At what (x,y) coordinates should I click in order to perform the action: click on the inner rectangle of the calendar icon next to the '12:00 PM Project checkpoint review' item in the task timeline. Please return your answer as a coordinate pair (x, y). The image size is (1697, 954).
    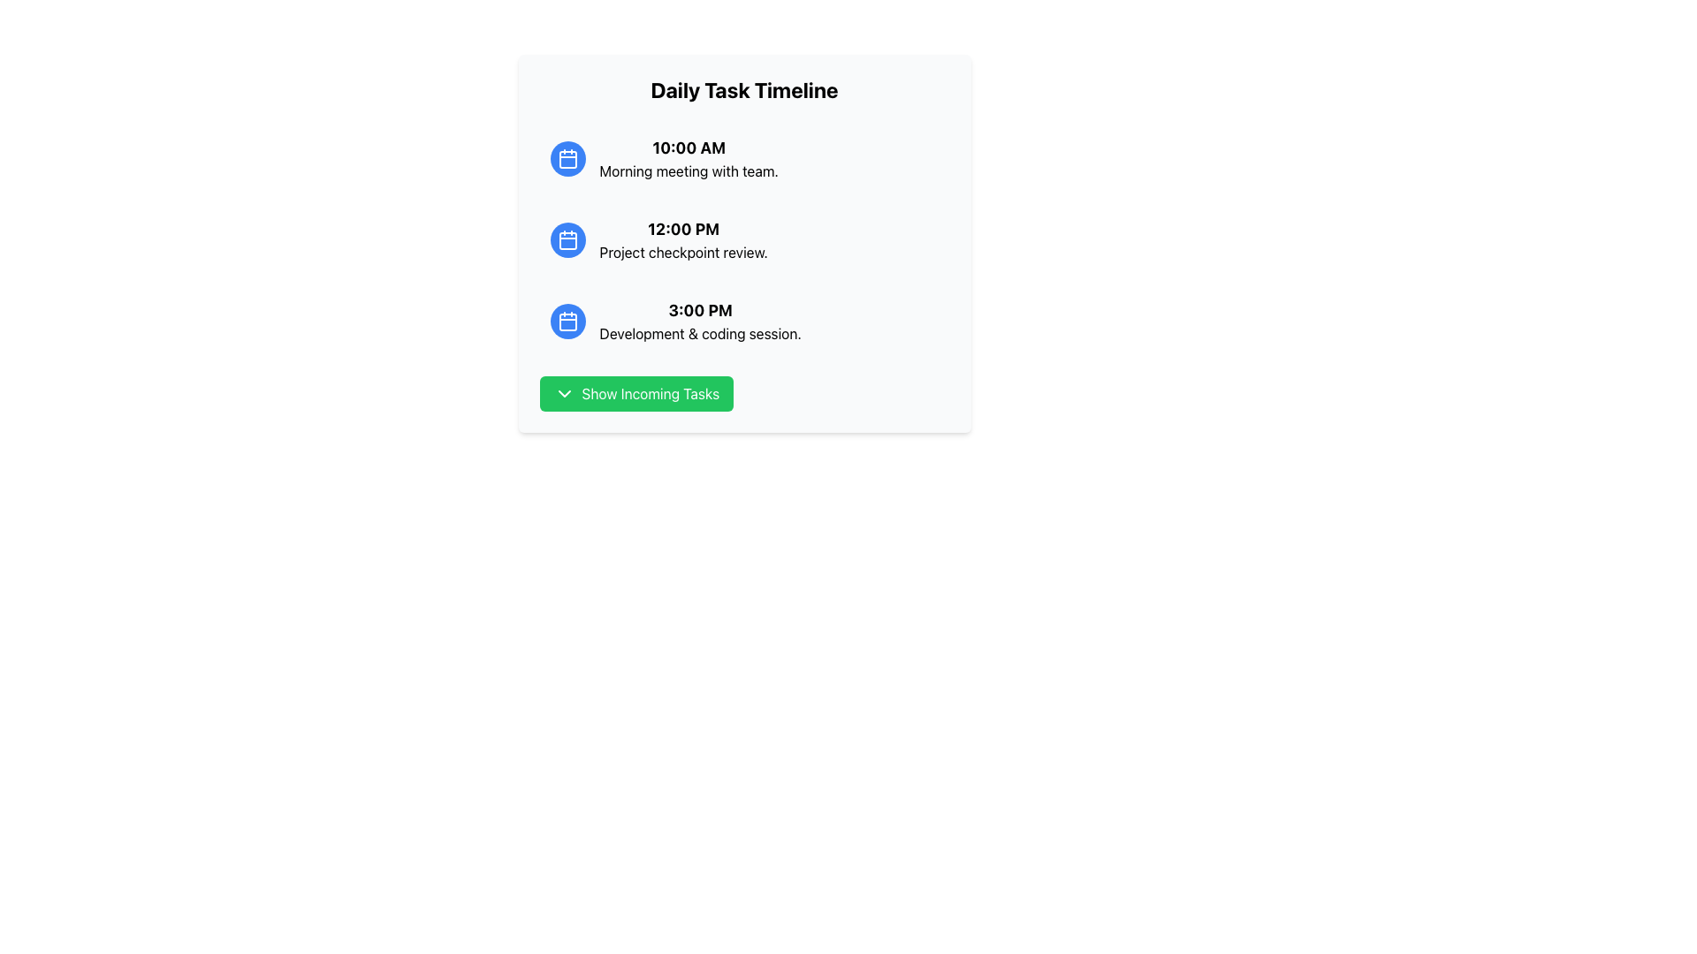
    Looking at the image, I should click on (567, 241).